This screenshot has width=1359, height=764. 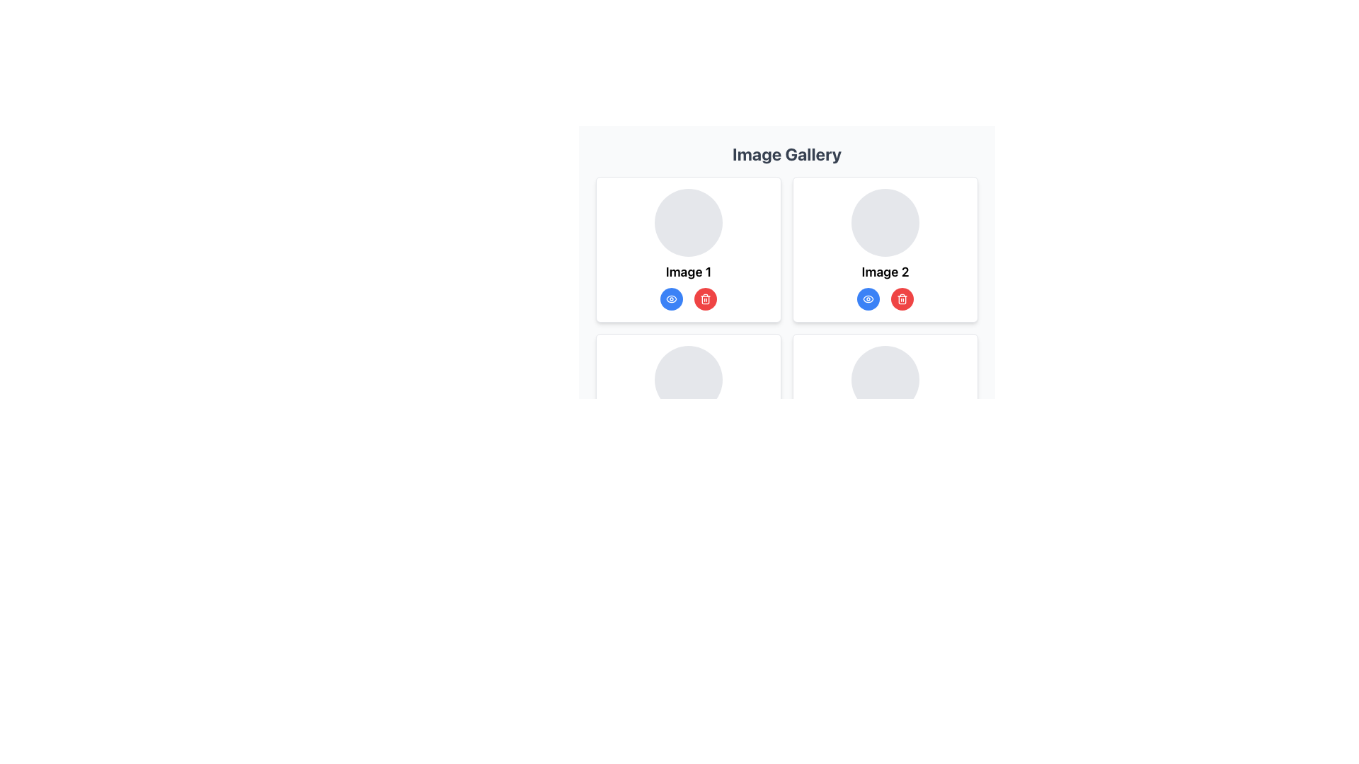 I want to click on title text element located at the center of the bounding box, which serves as a header for the section above the grid layout of image cards, so click(x=786, y=154).